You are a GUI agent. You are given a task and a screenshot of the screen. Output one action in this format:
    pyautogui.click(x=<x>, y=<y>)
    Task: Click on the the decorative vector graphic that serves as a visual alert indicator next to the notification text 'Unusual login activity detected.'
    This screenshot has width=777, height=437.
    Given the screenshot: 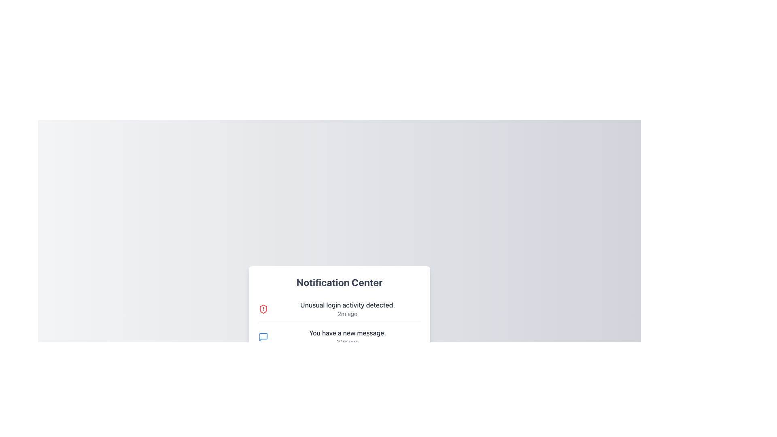 What is the action you would take?
    pyautogui.click(x=263, y=309)
    